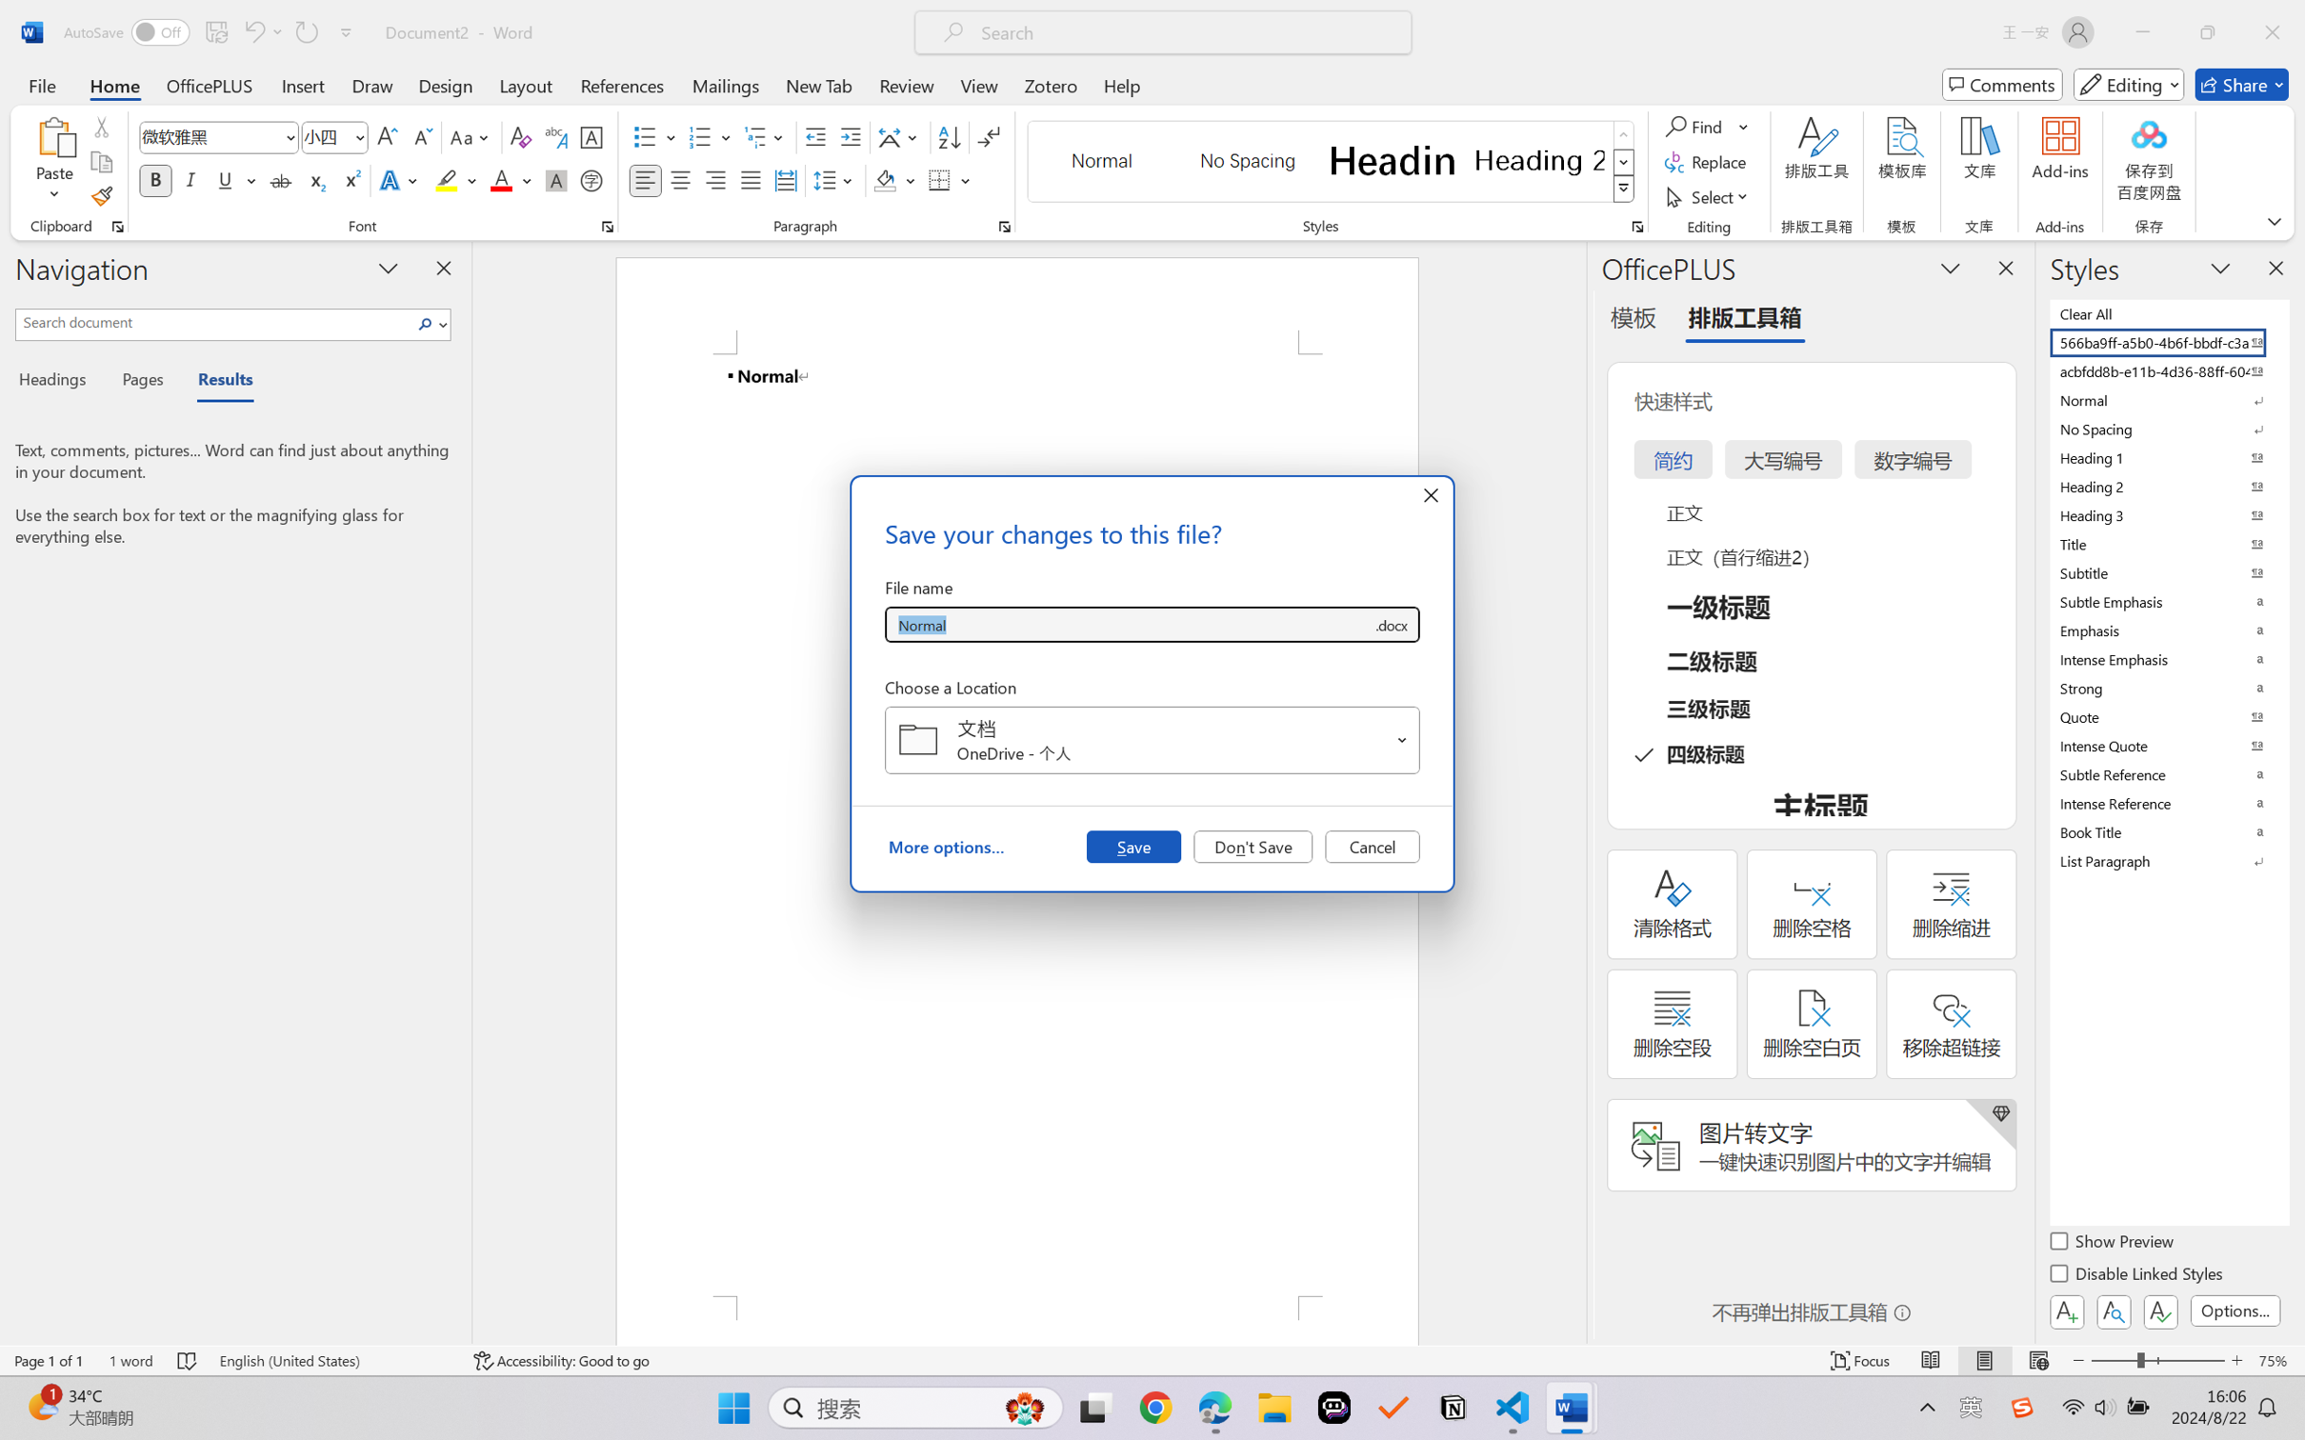  What do you see at coordinates (188, 1360) in the screenshot?
I see `'Spelling and Grammar Check No Errors'` at bounding box center [188, 1360].